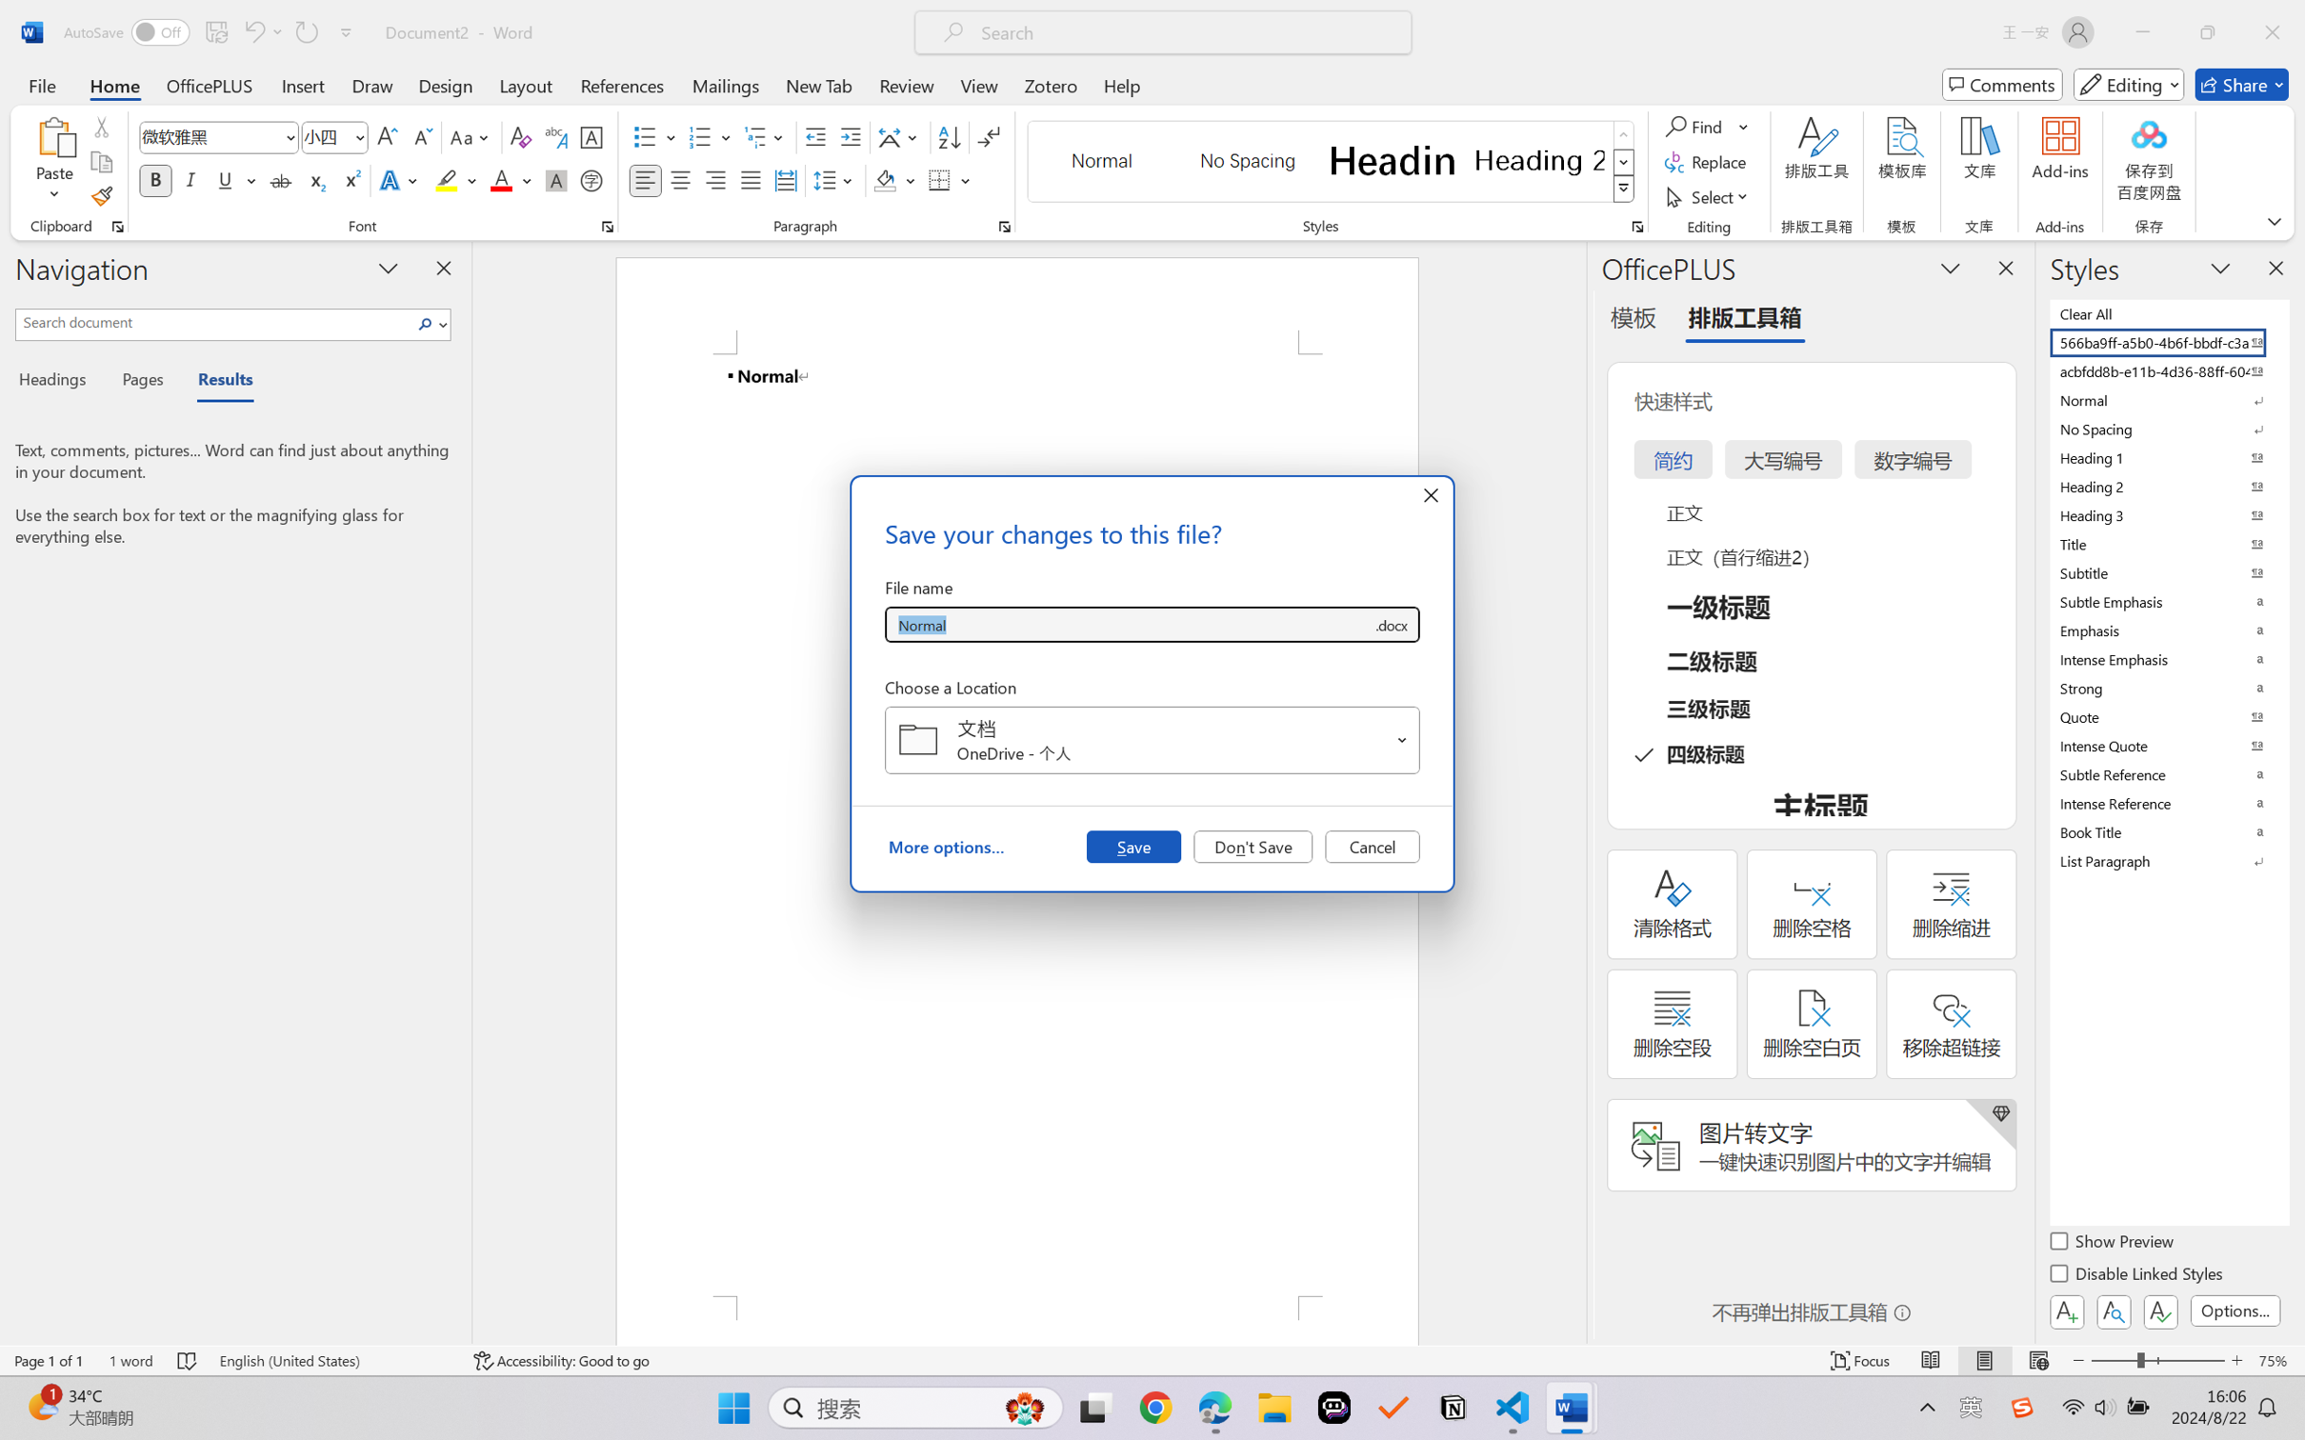  What do you see at coordinates (188, 1360) in the screenshot?
I see `'Spelling and Grammar Check No Errors'` at bounding box center [188, 1360].